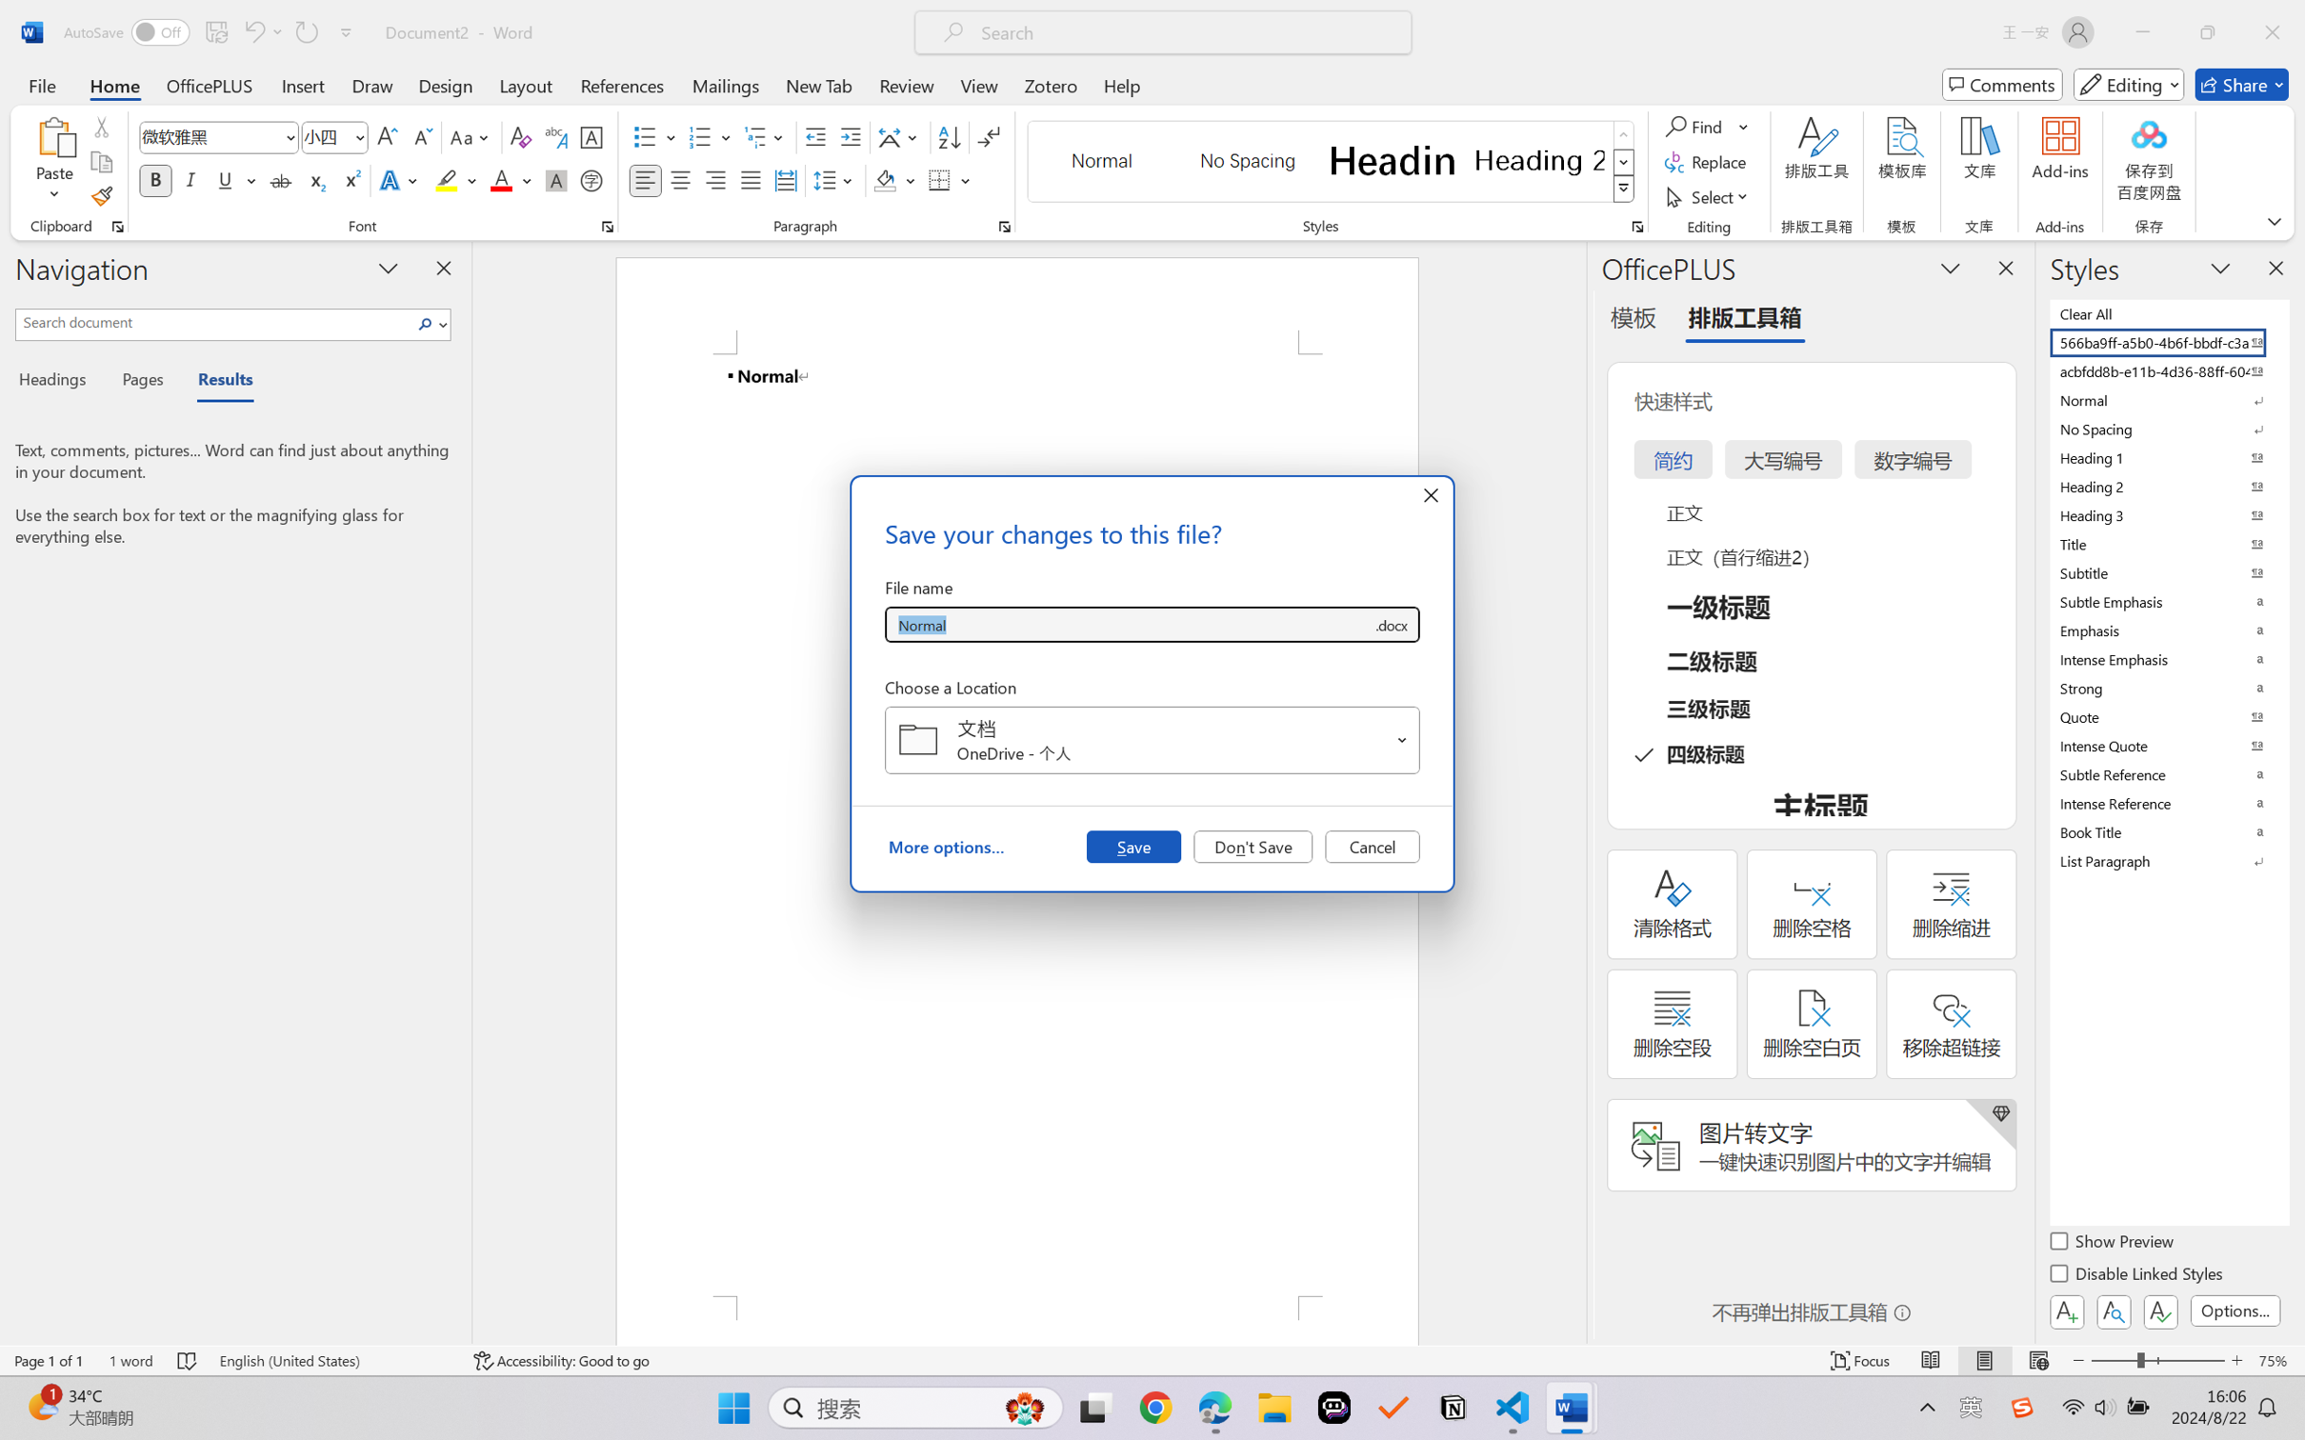  What do you see at coordinates (188, 1360) in the screenshot?
I see `'Spelling and Grammar Check No Errors'` at bounding box center [188, 1360].